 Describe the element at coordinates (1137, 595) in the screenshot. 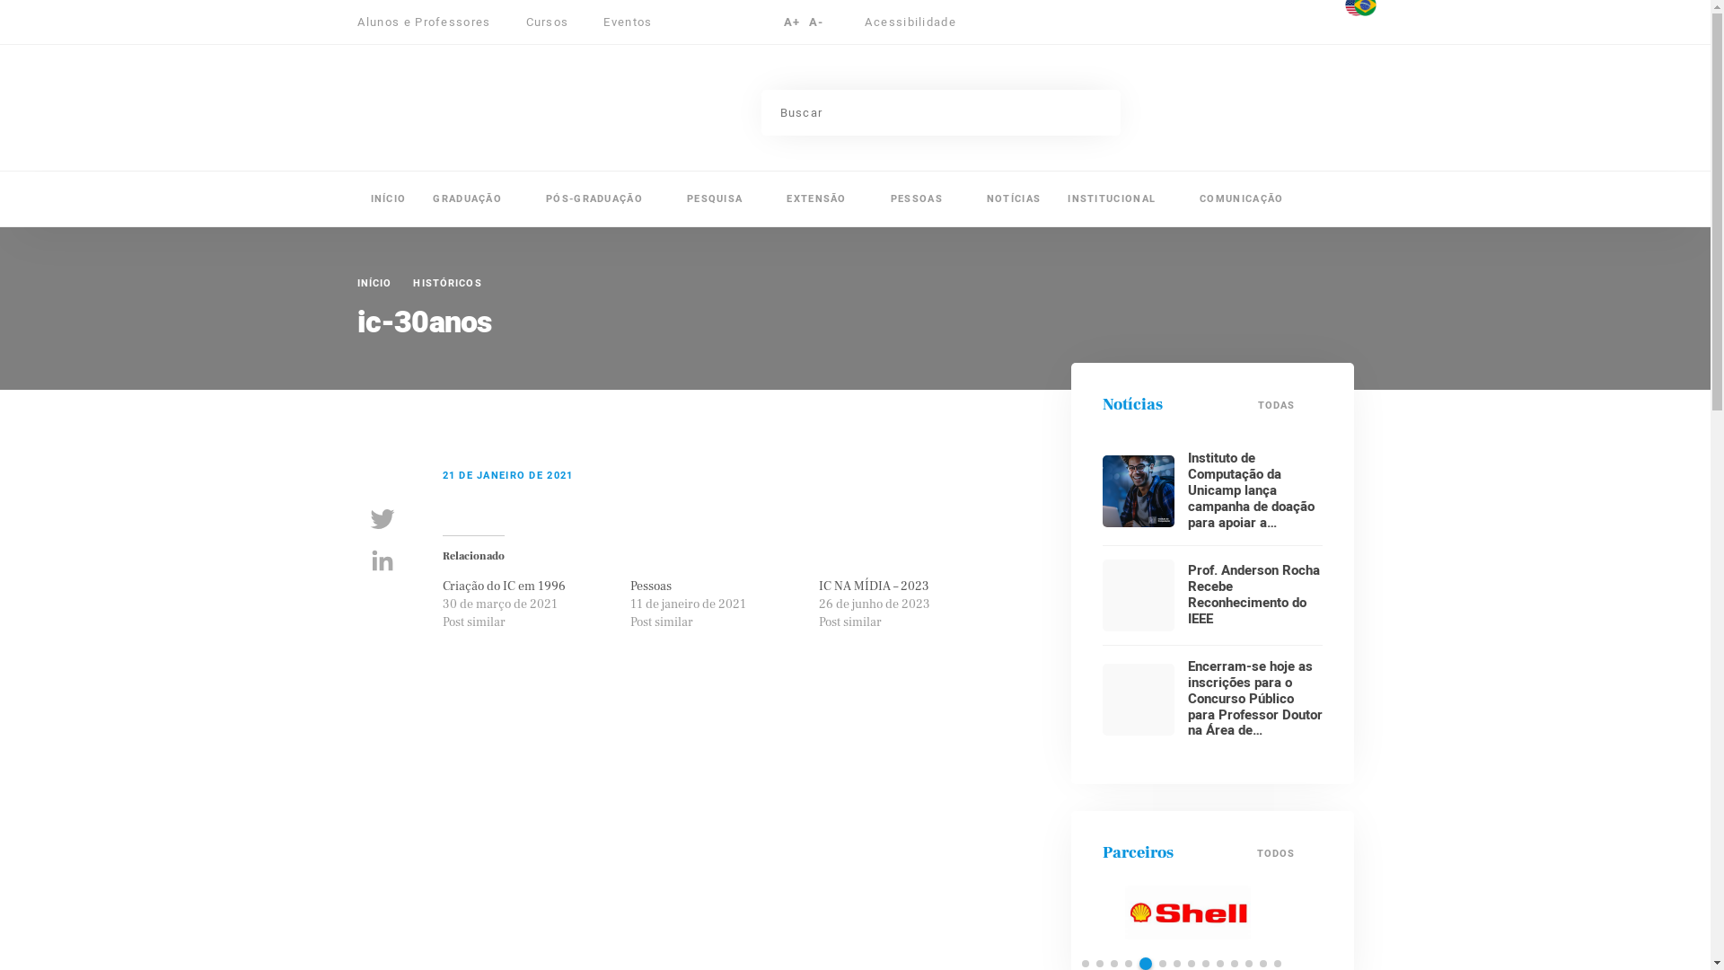

I see `'Prof. Anderson Rocha Recebe Reconhecimento do IEEE'` at that location.